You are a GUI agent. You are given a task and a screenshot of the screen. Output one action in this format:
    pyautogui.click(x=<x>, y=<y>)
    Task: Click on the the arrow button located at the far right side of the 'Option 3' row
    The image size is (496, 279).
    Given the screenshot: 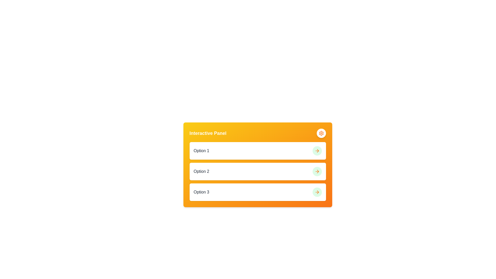 What is the action you would take?
    pyautogui.click(x=317, y=192)
    